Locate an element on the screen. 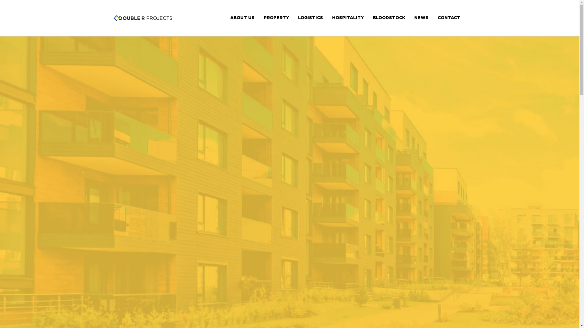 The height and width of the screenshot is (328, 584). 'HOSPITALITY' is located at coordinates (347, 17).